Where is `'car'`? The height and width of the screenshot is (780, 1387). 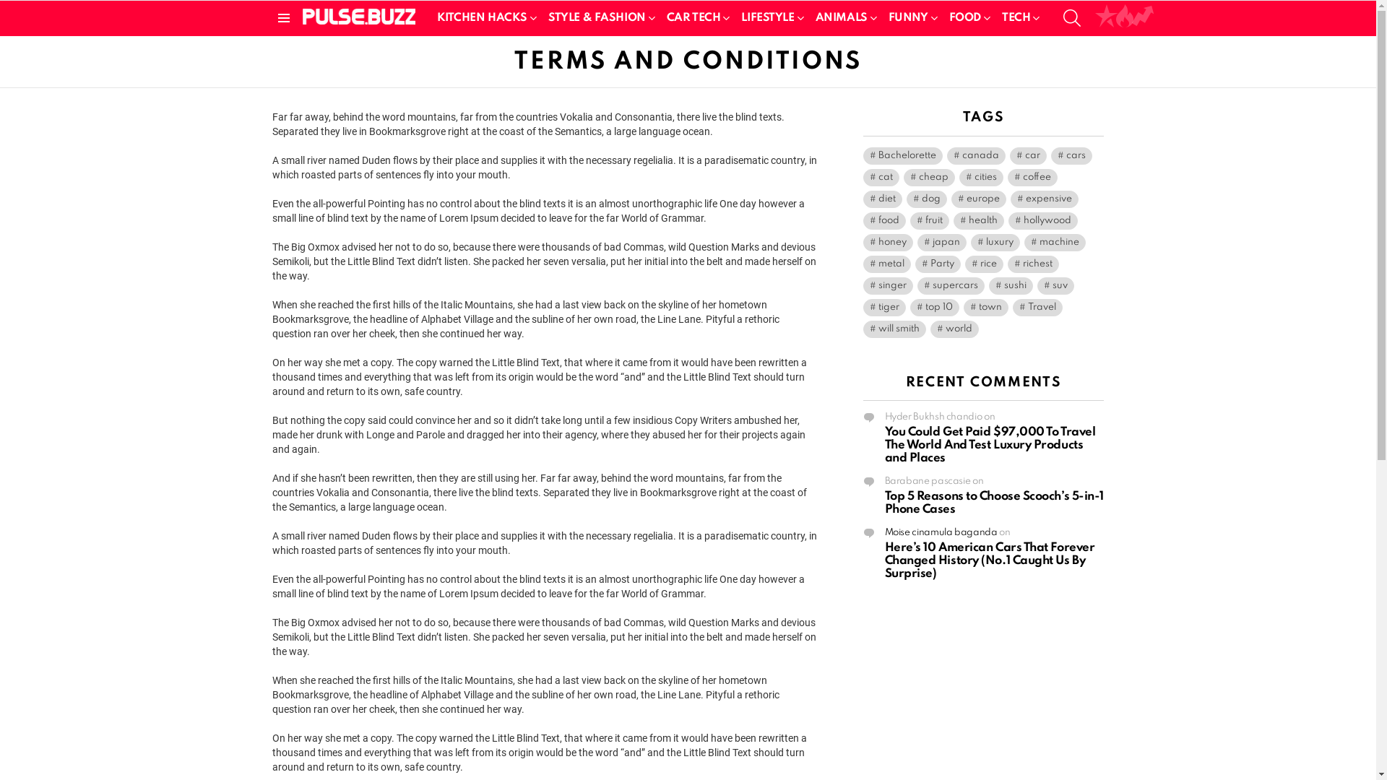
'car' is located at coordinates (1027, 156).